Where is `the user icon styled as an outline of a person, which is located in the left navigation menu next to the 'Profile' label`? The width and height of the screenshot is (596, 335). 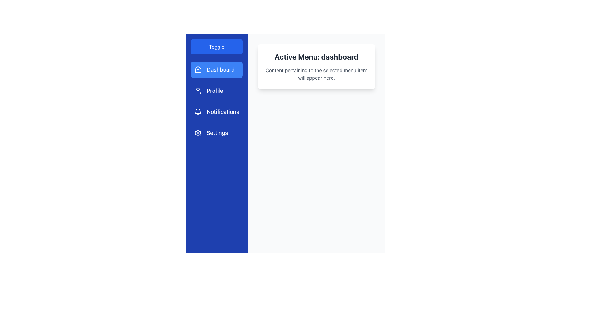
the user icon styled as an outline of a person, which is located in the left navigation menu next to the 'Profile' label is located at coordinates (198, 91).